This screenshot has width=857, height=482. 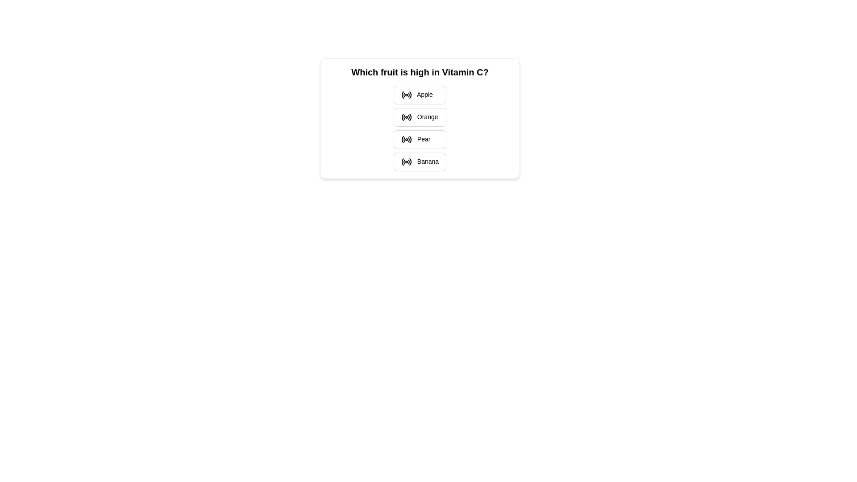 What do you see at coordinates (410, 139) in the screenshot?
I see `the visual component of the radio button graphic located within the third radio button for the 'Pear' option under the question 'Which fruit is high in Vitamin C?'` at bounding box center [410, 139].